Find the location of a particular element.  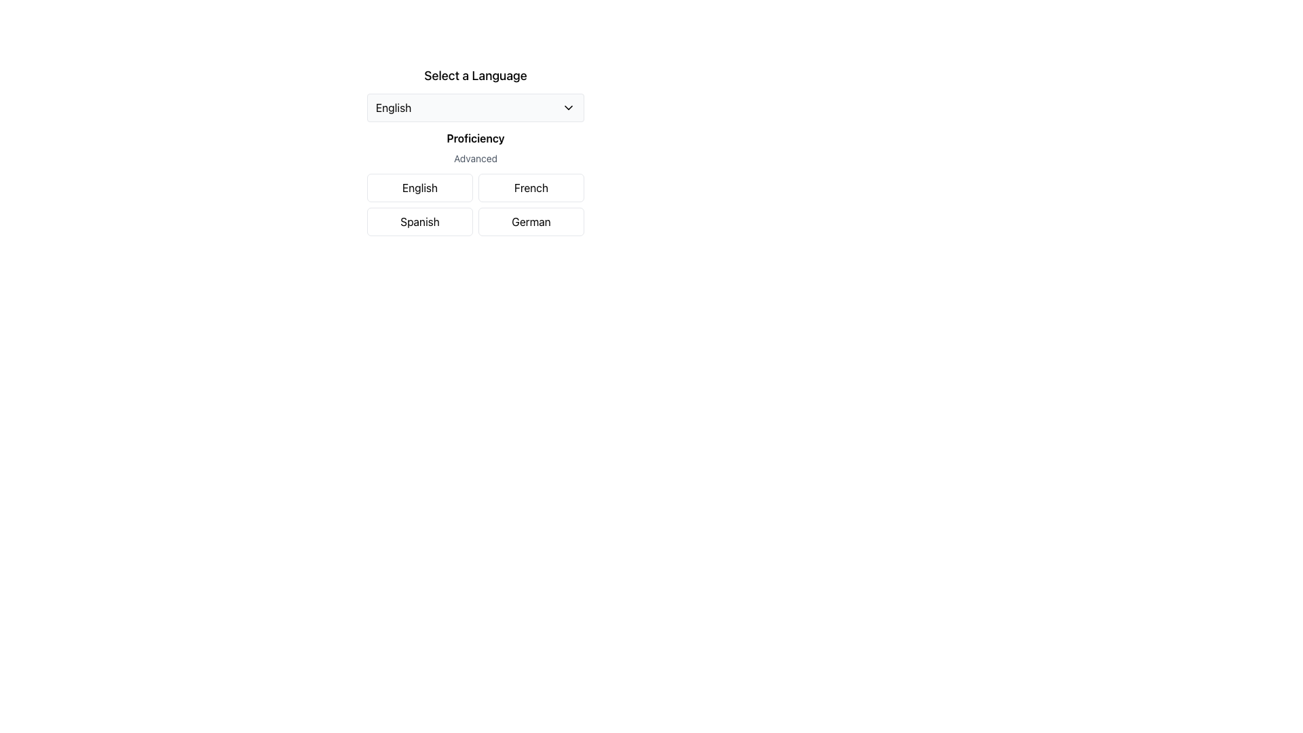

the rectangular button labeled 'French' with rounded corners, located in the top-right slot of the button grid is located at coordinates (530, 188).